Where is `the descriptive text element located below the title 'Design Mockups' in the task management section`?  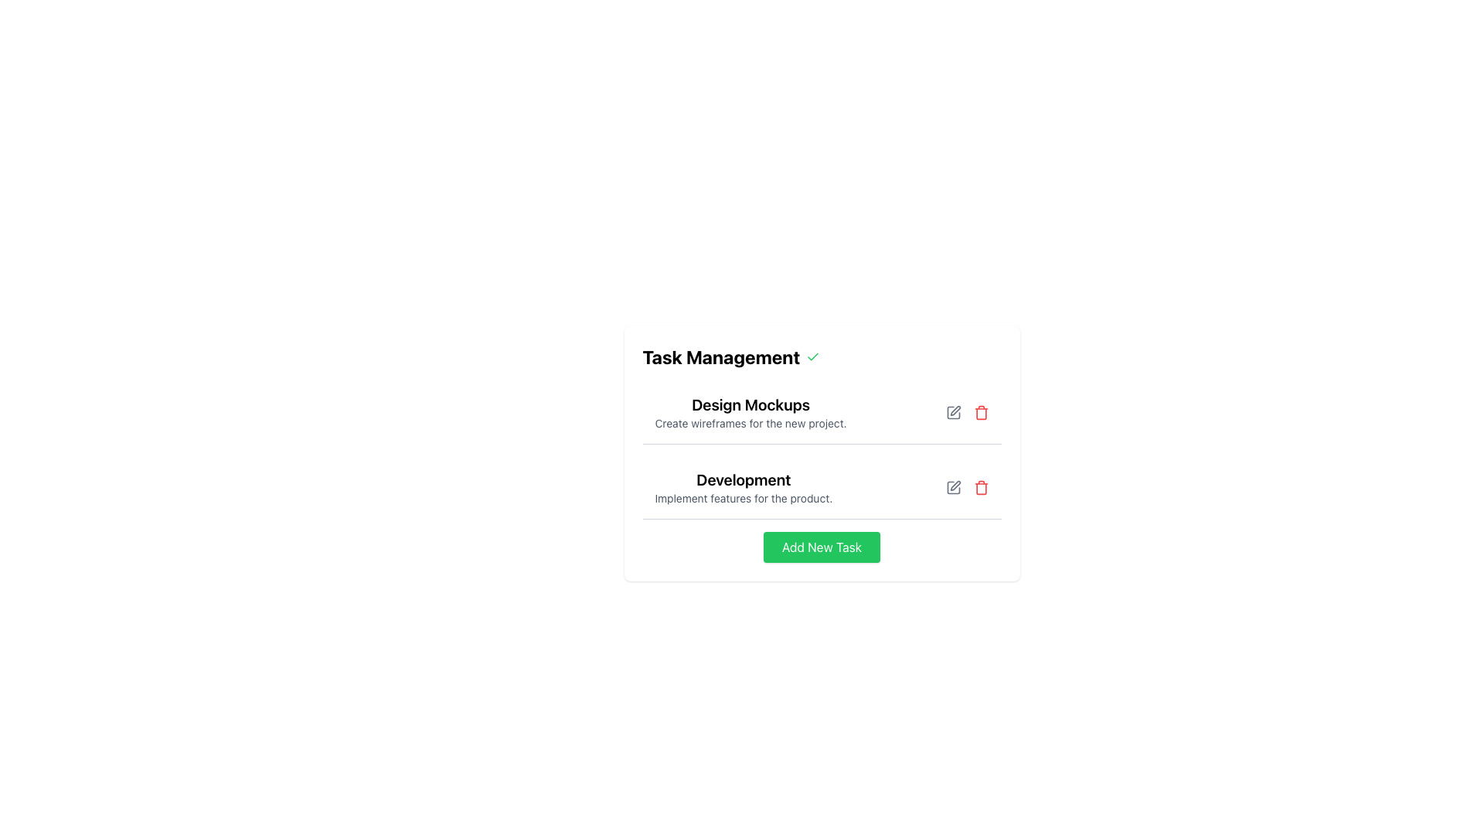 the descriptive text element located below the title 'Design Mockups' in the task management section is located at coordinates (751, 423).